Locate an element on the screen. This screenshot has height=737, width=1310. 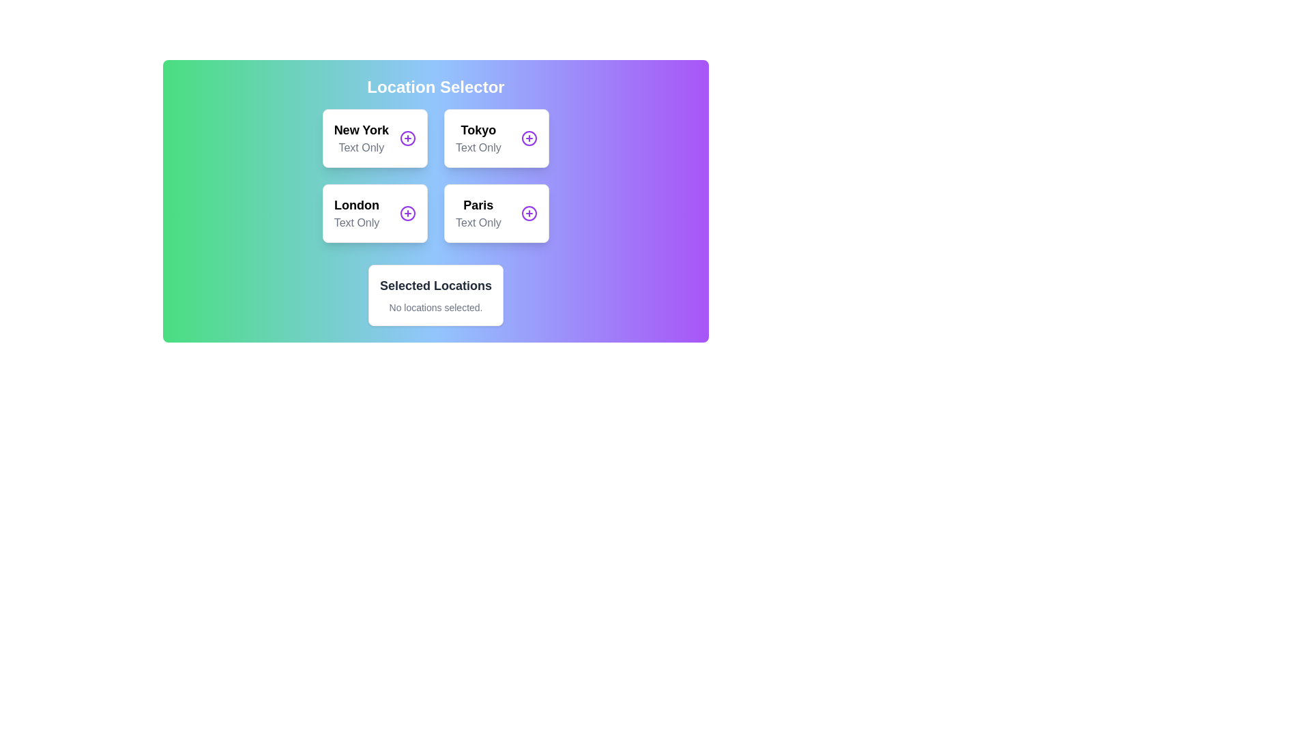
the button located on the right side of the box labeled 'London' to trigger a tooltip or highlight effect is located at coordinates (407, 213).